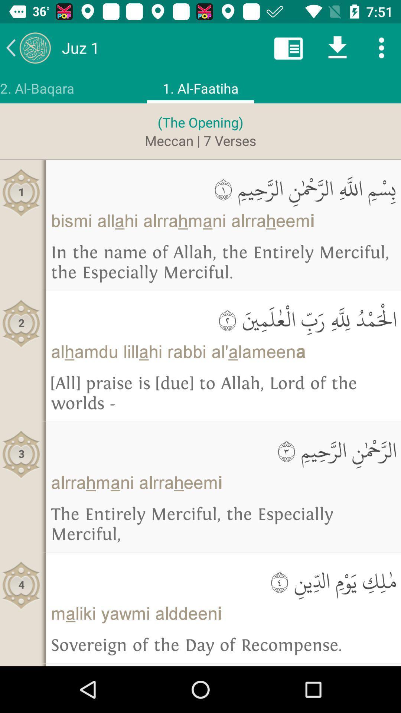  What do you see at coordinates (381, 47) in the screenshot?
I see `options` at bounding box center [381, 47].